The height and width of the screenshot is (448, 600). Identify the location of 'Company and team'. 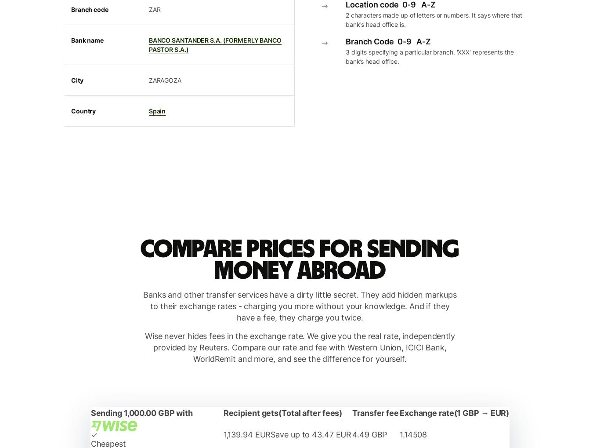
(86, 12).